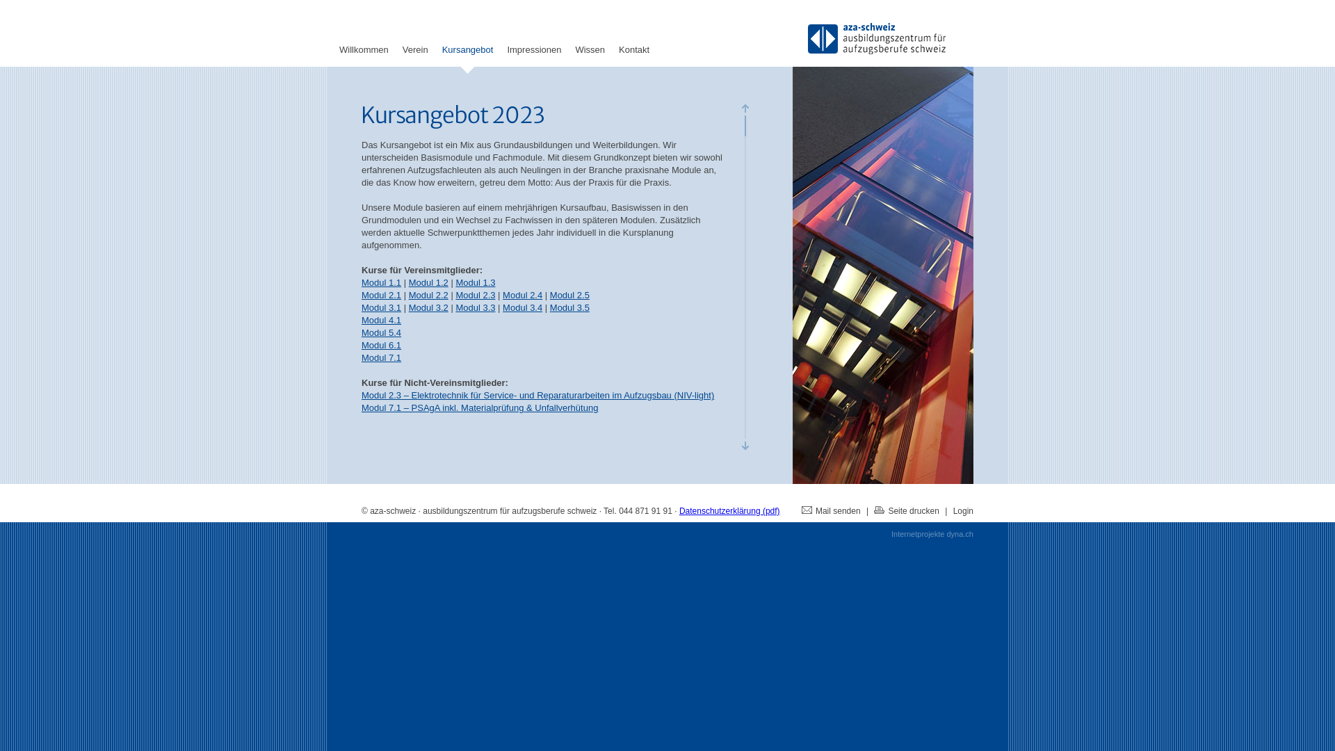 The image size is (1335, 751). Describe the element at coordinates (932, 533) in the screenshot. I see `'Internetprojekte dyna.ch'` at that location.